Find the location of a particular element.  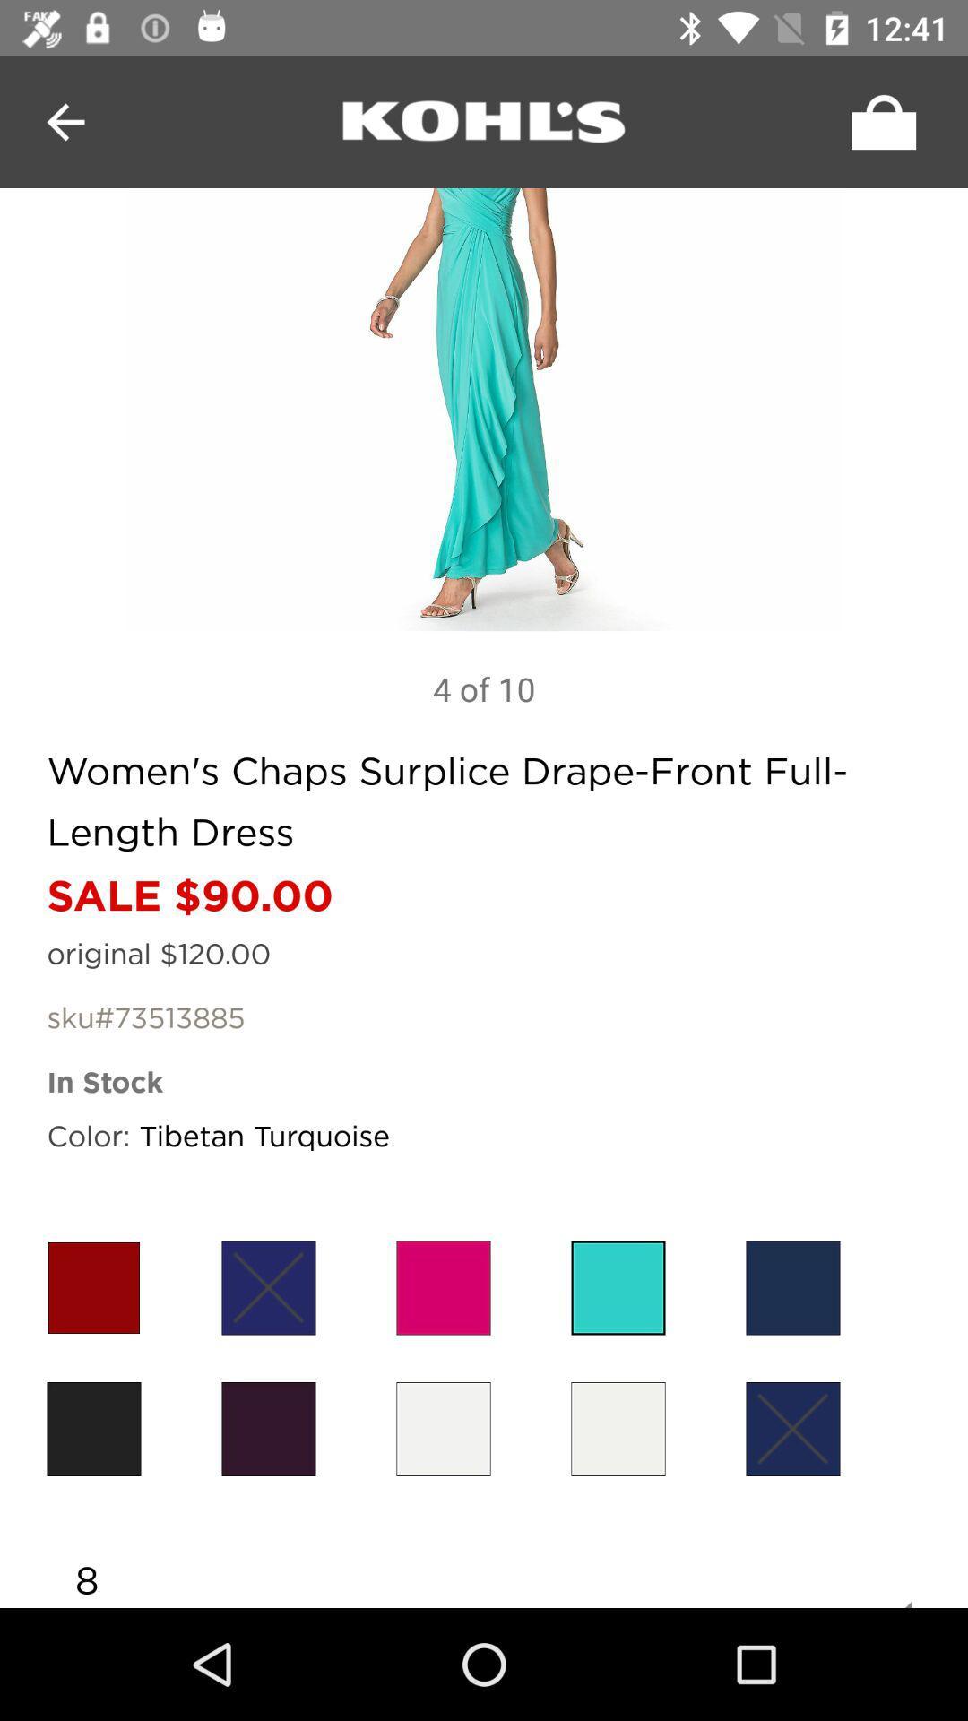

change color to red is located at coordinates (93, 1286).